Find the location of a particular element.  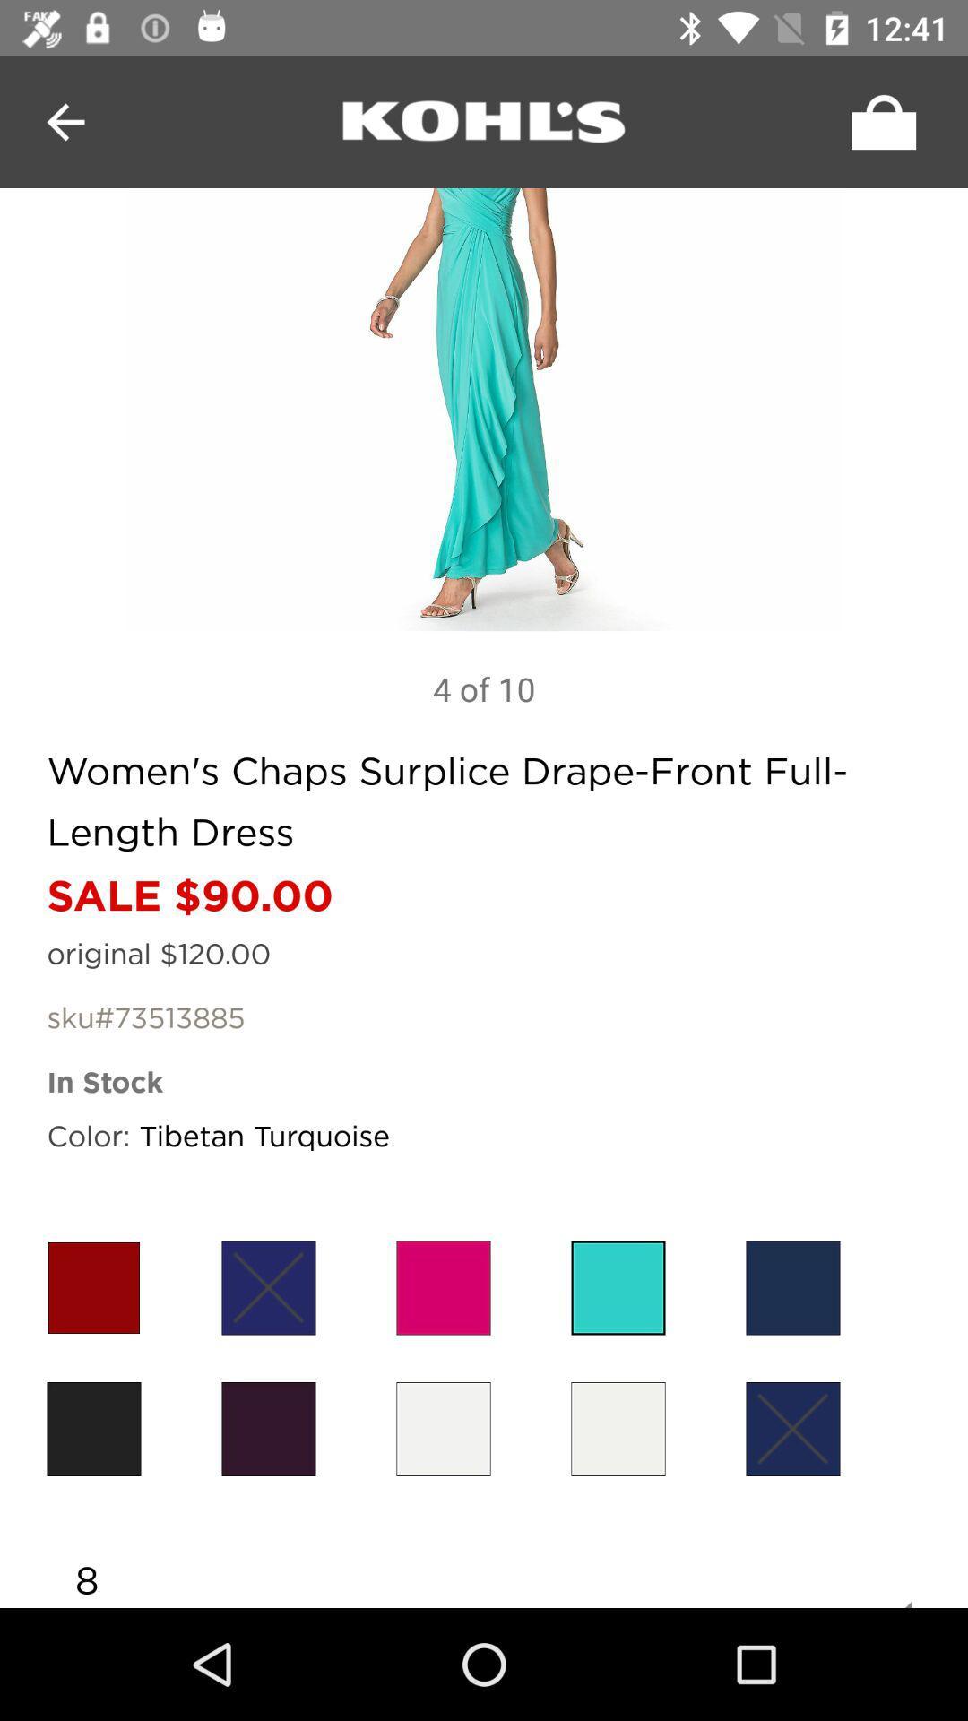

change color to red is located at coordinates (93, 1286).